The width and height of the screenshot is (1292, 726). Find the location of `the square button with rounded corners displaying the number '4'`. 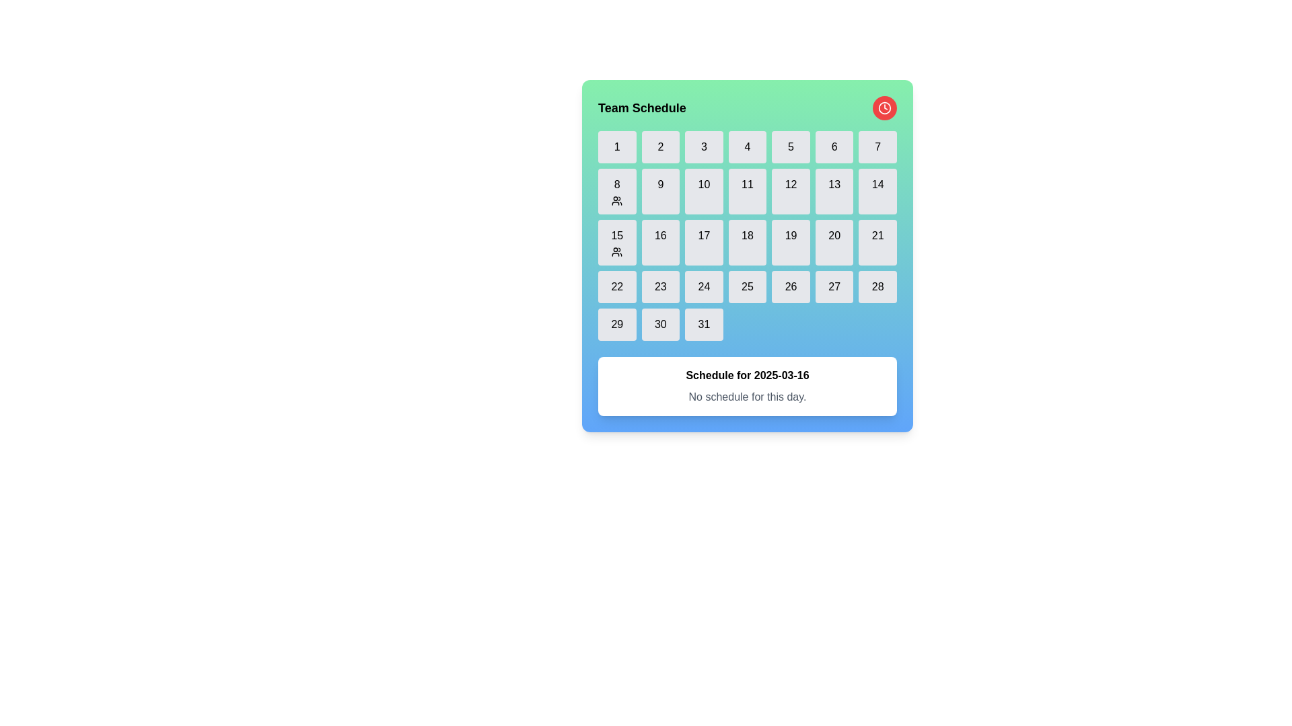

the square button with rounded corners displaying the number '4' is located at coordinates (746, 147).